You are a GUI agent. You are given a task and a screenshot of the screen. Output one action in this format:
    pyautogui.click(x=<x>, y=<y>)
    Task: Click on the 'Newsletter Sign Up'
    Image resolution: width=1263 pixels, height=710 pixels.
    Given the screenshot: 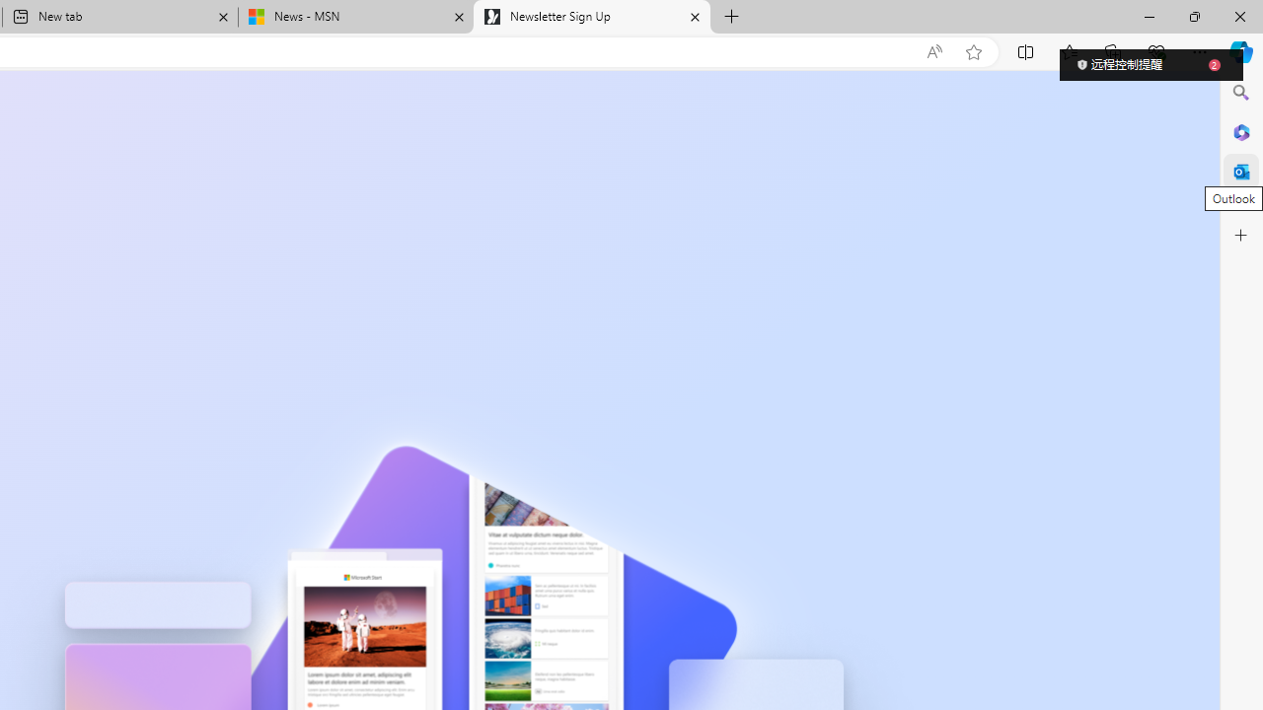 What is the action you would take?
    pyautogui.click(x=591, y=17)
    